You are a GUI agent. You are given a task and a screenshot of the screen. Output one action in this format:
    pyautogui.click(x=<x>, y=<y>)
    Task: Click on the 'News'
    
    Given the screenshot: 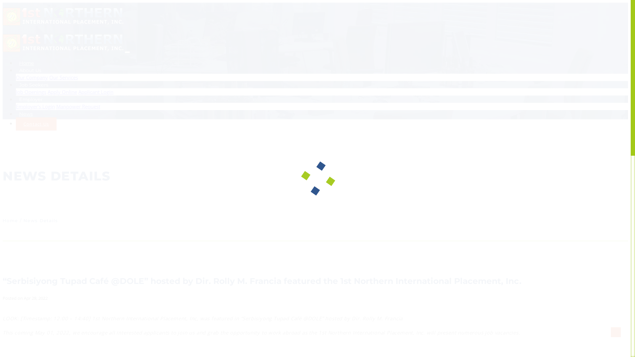 What is the action you would take?
    pyautogui.click(x=19, y=113)
    